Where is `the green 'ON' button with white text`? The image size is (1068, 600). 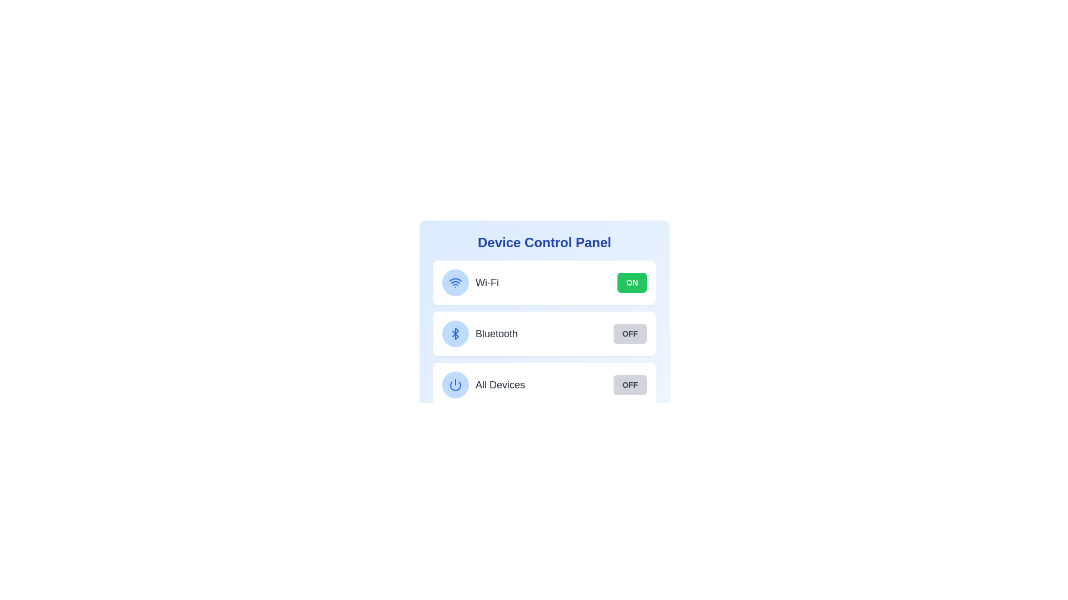
the green 'ON' button with white text is located at coordinates (632, 282).